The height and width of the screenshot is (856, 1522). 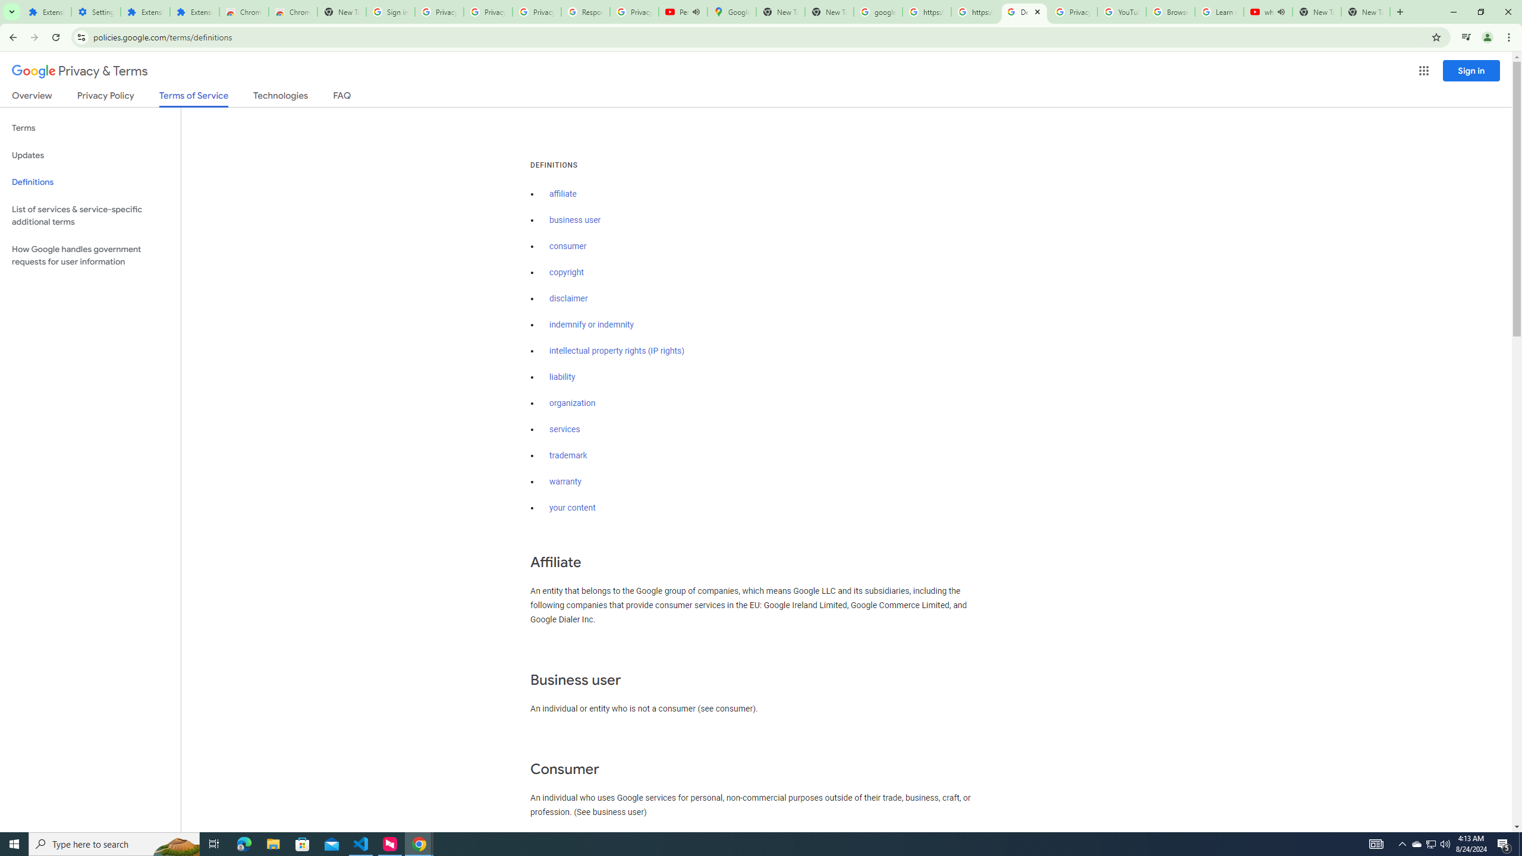 I want to click on 'intellectual property rights (IP rights)', so click(x=617, y=351).